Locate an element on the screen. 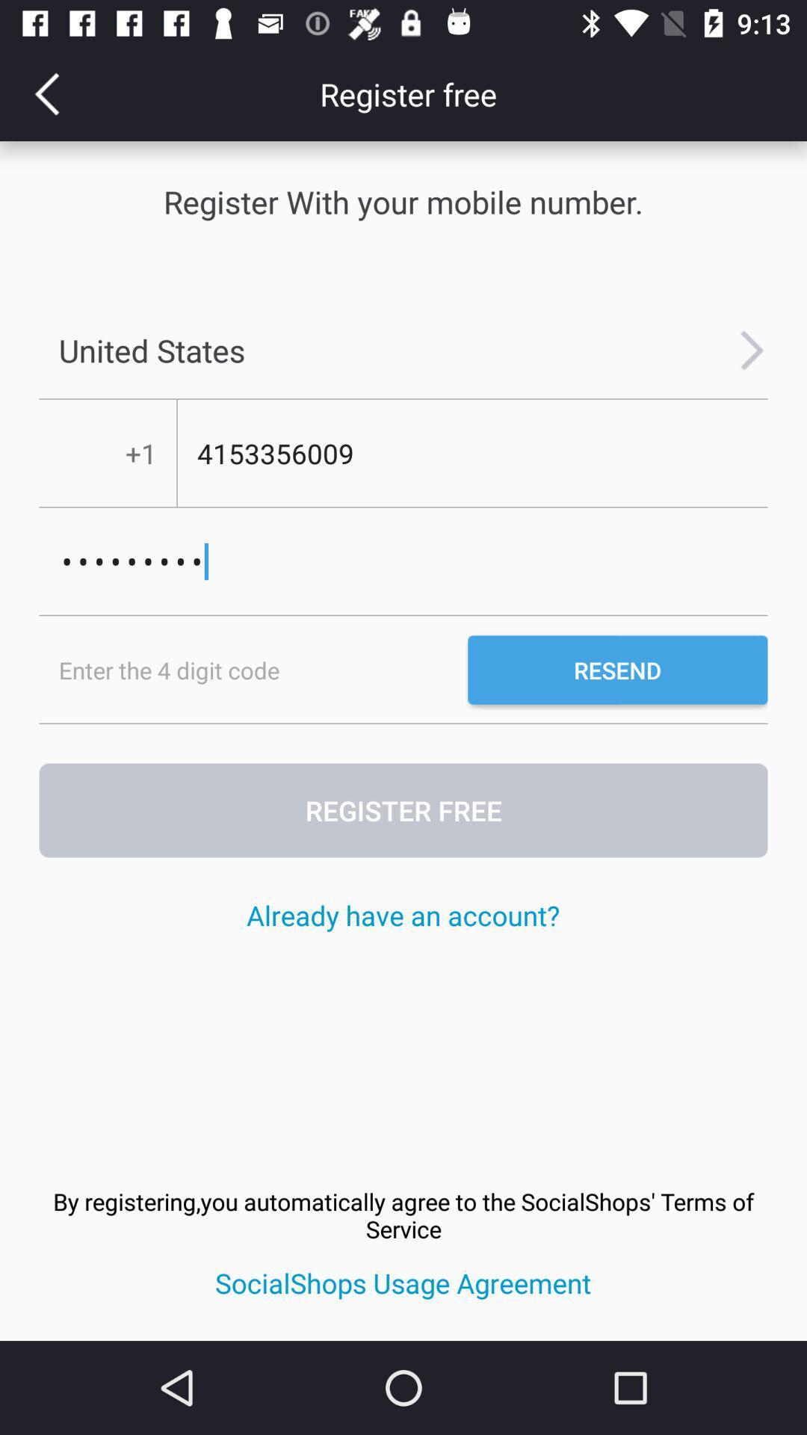  already have an icon is located at coordinates (402, 914).